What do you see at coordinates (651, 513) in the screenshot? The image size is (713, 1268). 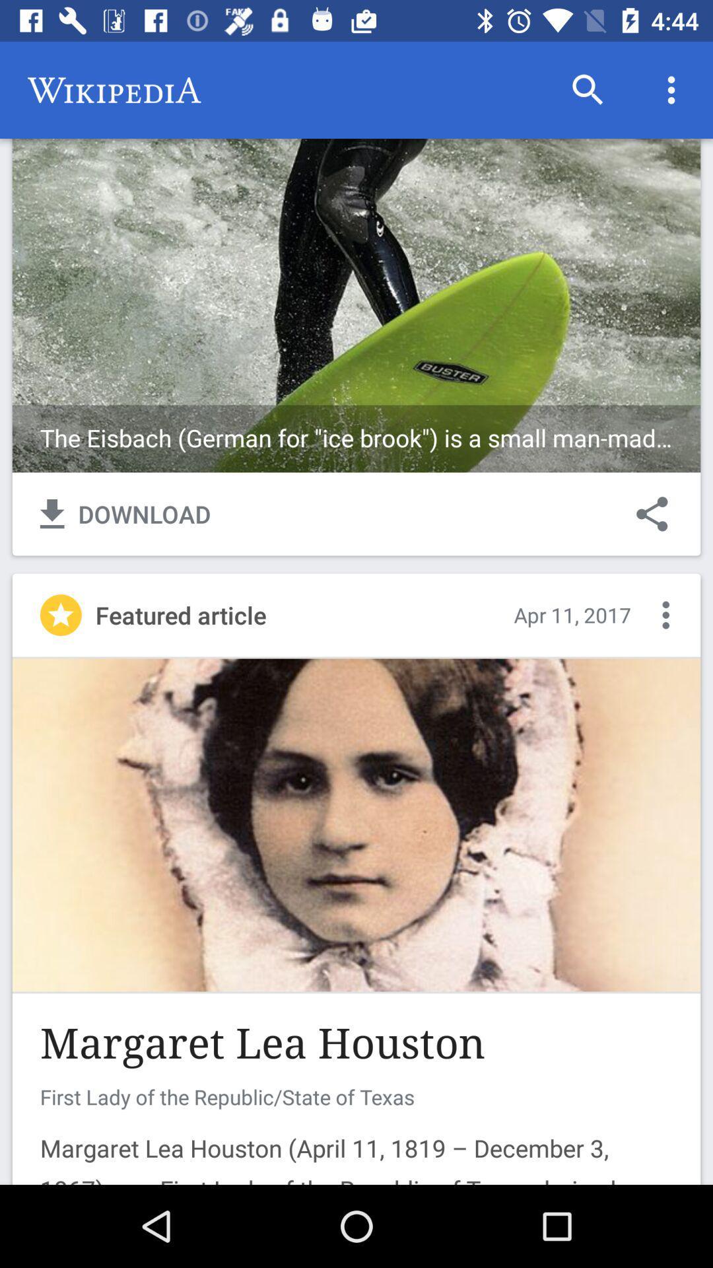 I see `the item to the right of the download` at bounding box center [651, 513].